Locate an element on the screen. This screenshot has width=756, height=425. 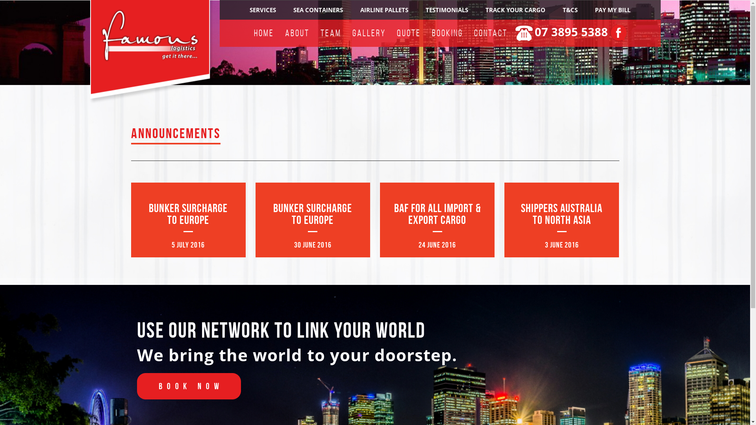
'QUOTE' is located at coordinates (393, 33).